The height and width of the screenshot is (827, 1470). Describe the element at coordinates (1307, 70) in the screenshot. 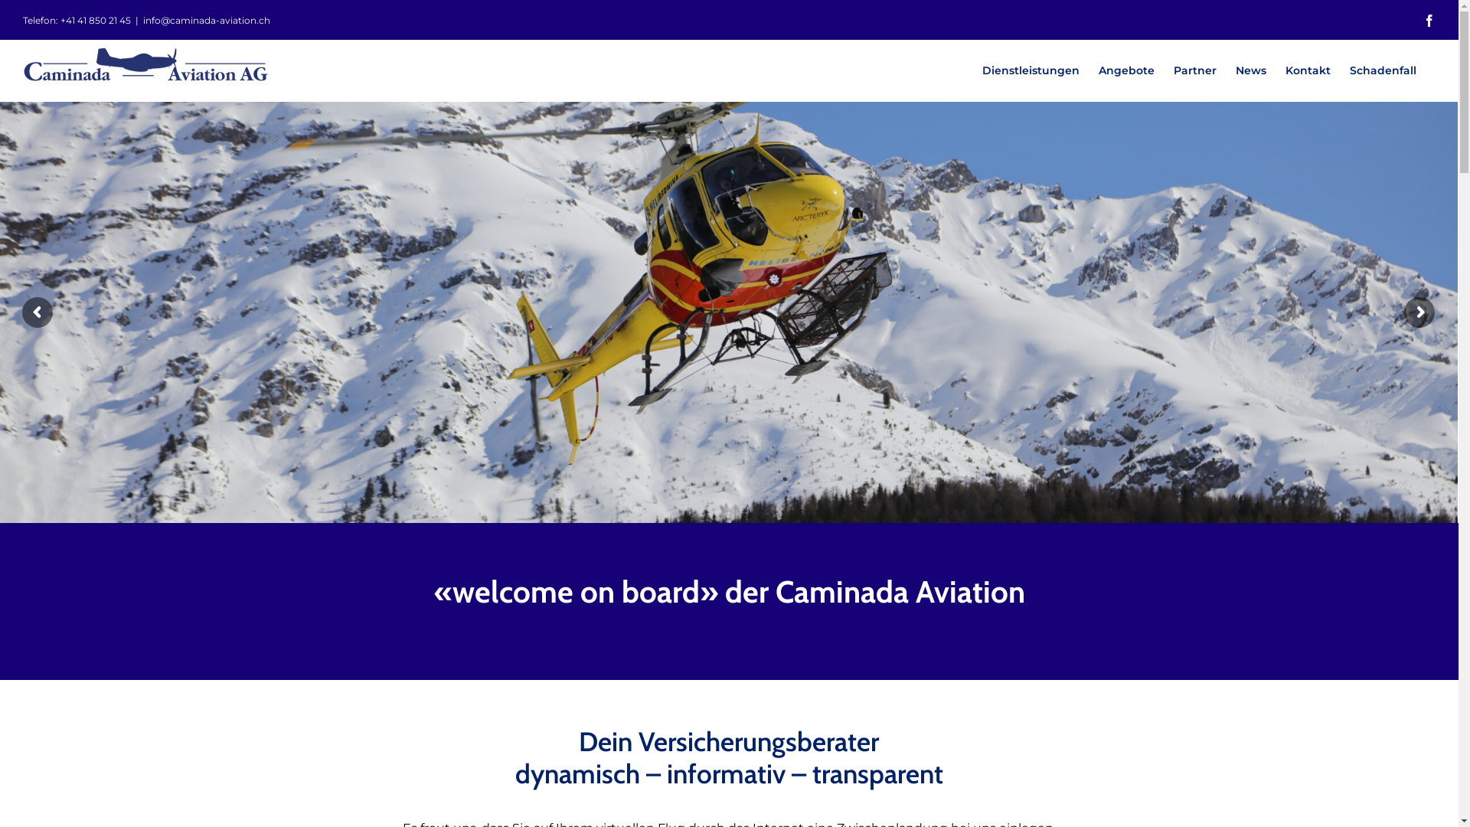

I see `'Kontakt'` at that location.